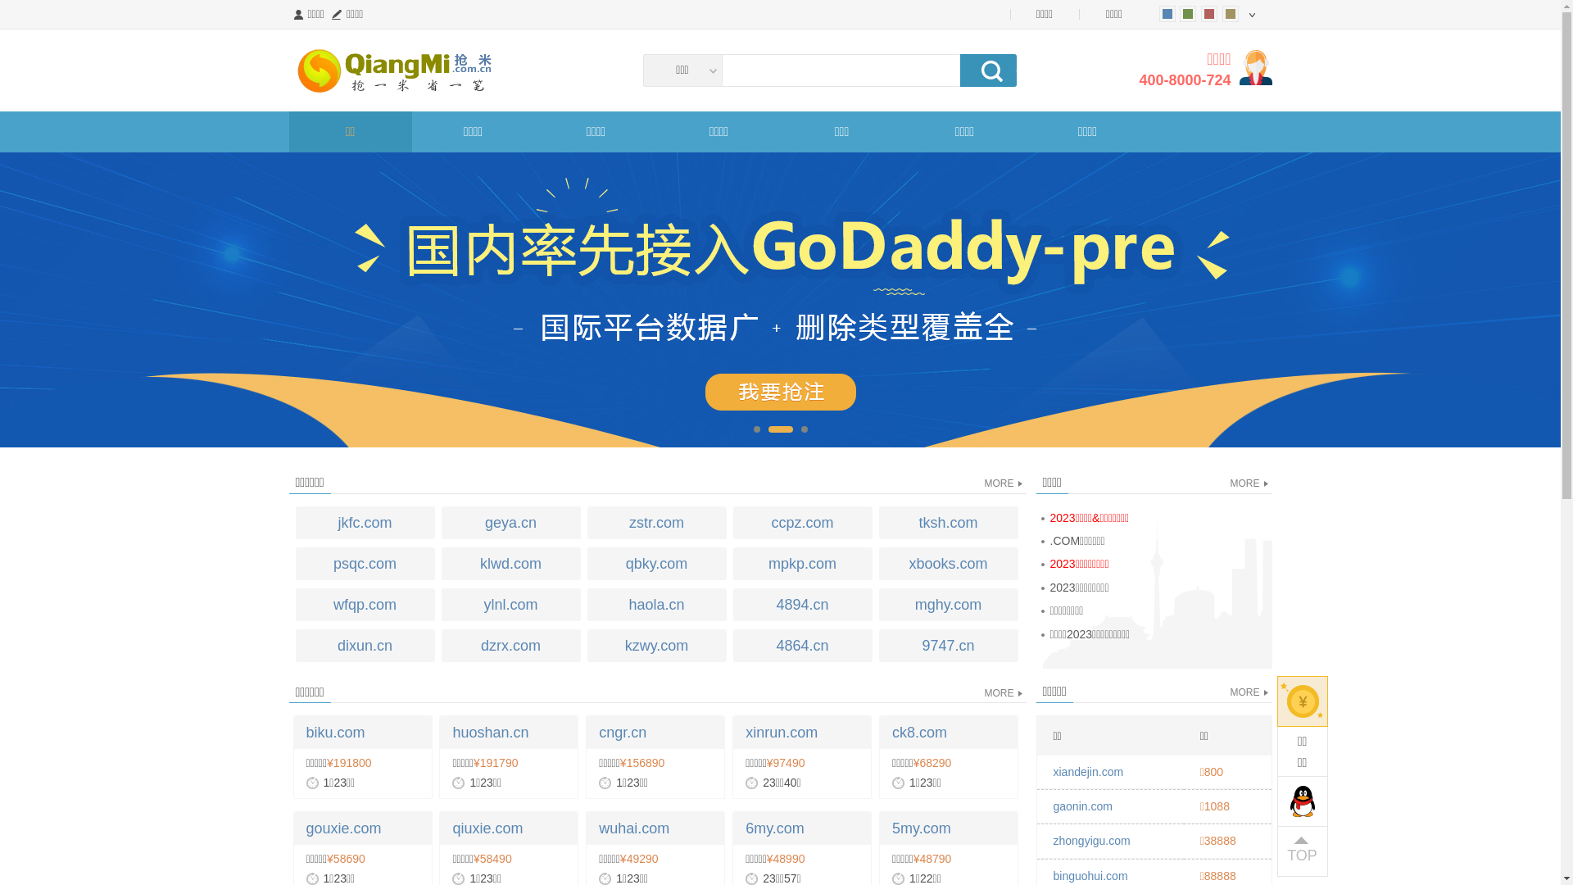 Image resolution: width=1573 pixels, height=885 pixels. What do you see at coordinates (510, 644) in the screenshot?
I see `'dzrx.com'` at bounding box center [510, 644].